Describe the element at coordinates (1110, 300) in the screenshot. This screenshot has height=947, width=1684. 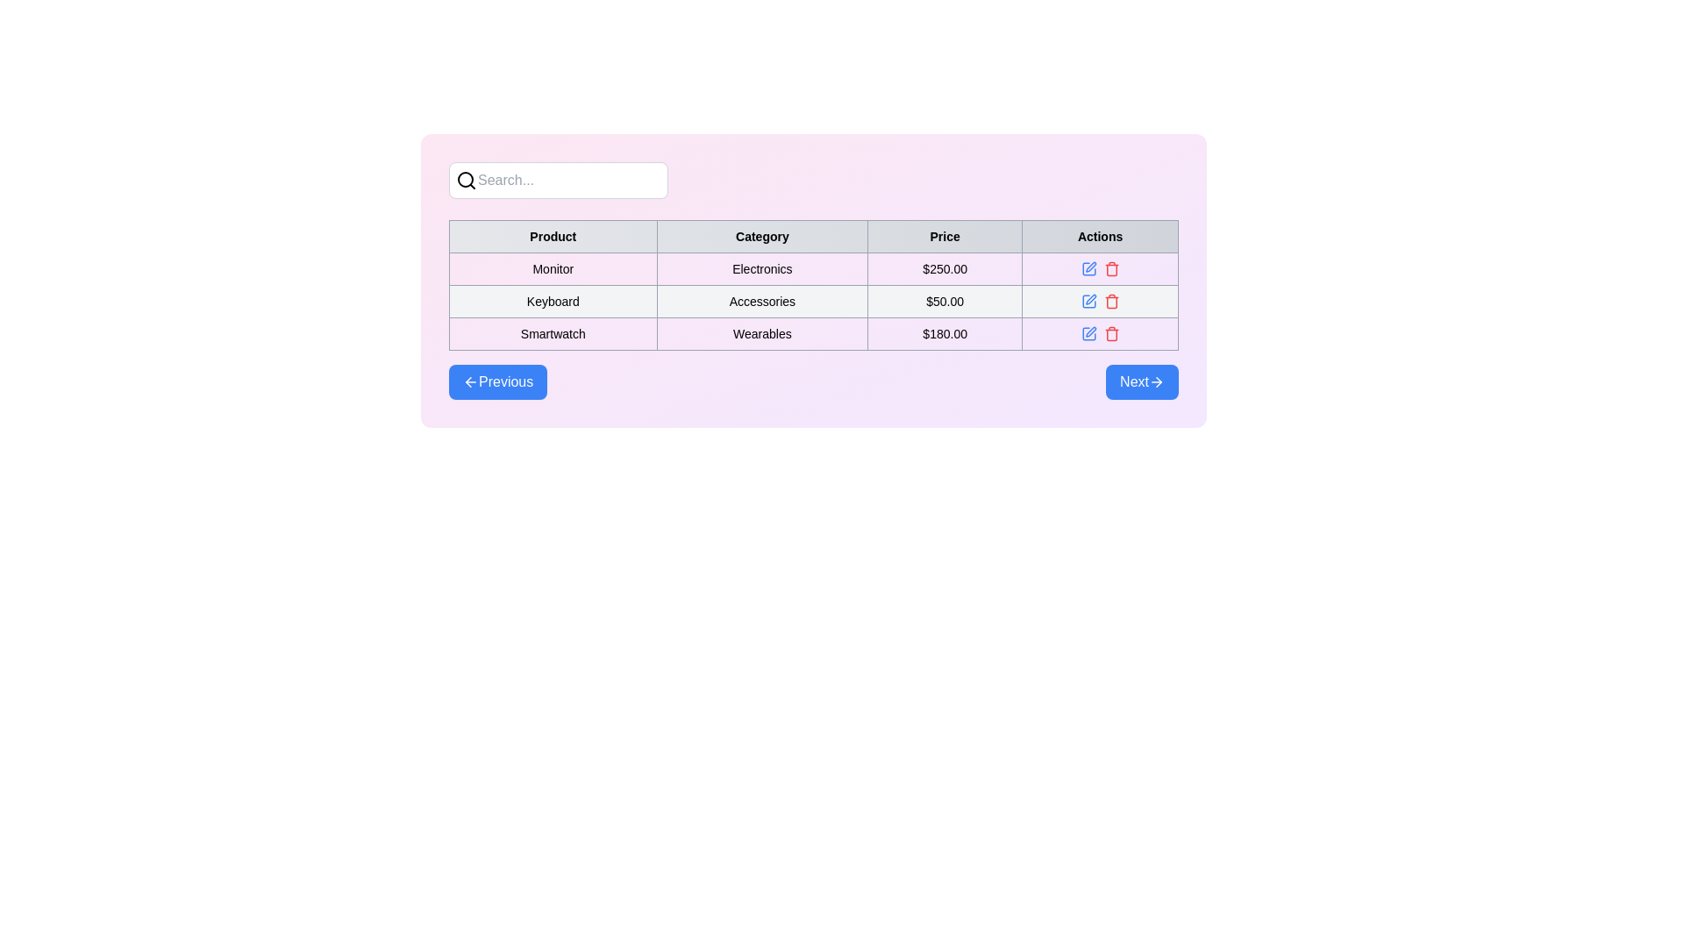
I see `the delete icon button located in the second row of the table under the 'Actions' column to initiate the deletion of the associated 'Keyboard' product entry` at that location.